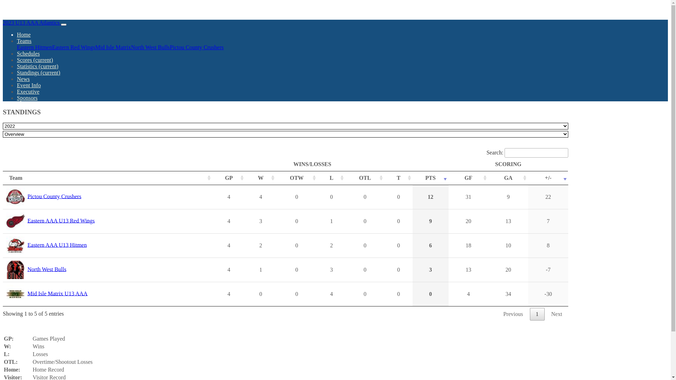 This screenshot has width=676, height=380. What do you see at coordinates (31, 22) in the screenshot?
I see `'2023 U13 AAA Atlantics'` at bounding box center [31, 22].